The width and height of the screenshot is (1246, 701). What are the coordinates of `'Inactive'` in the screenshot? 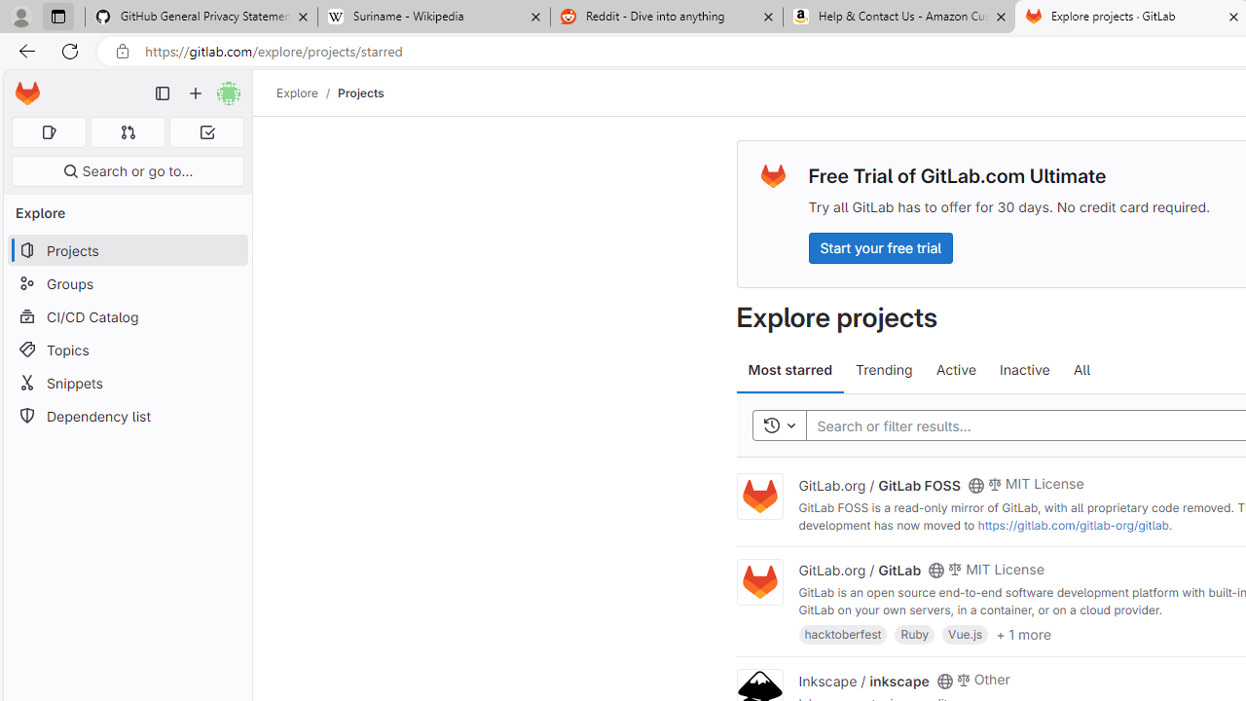 It's located at (1023, 370).